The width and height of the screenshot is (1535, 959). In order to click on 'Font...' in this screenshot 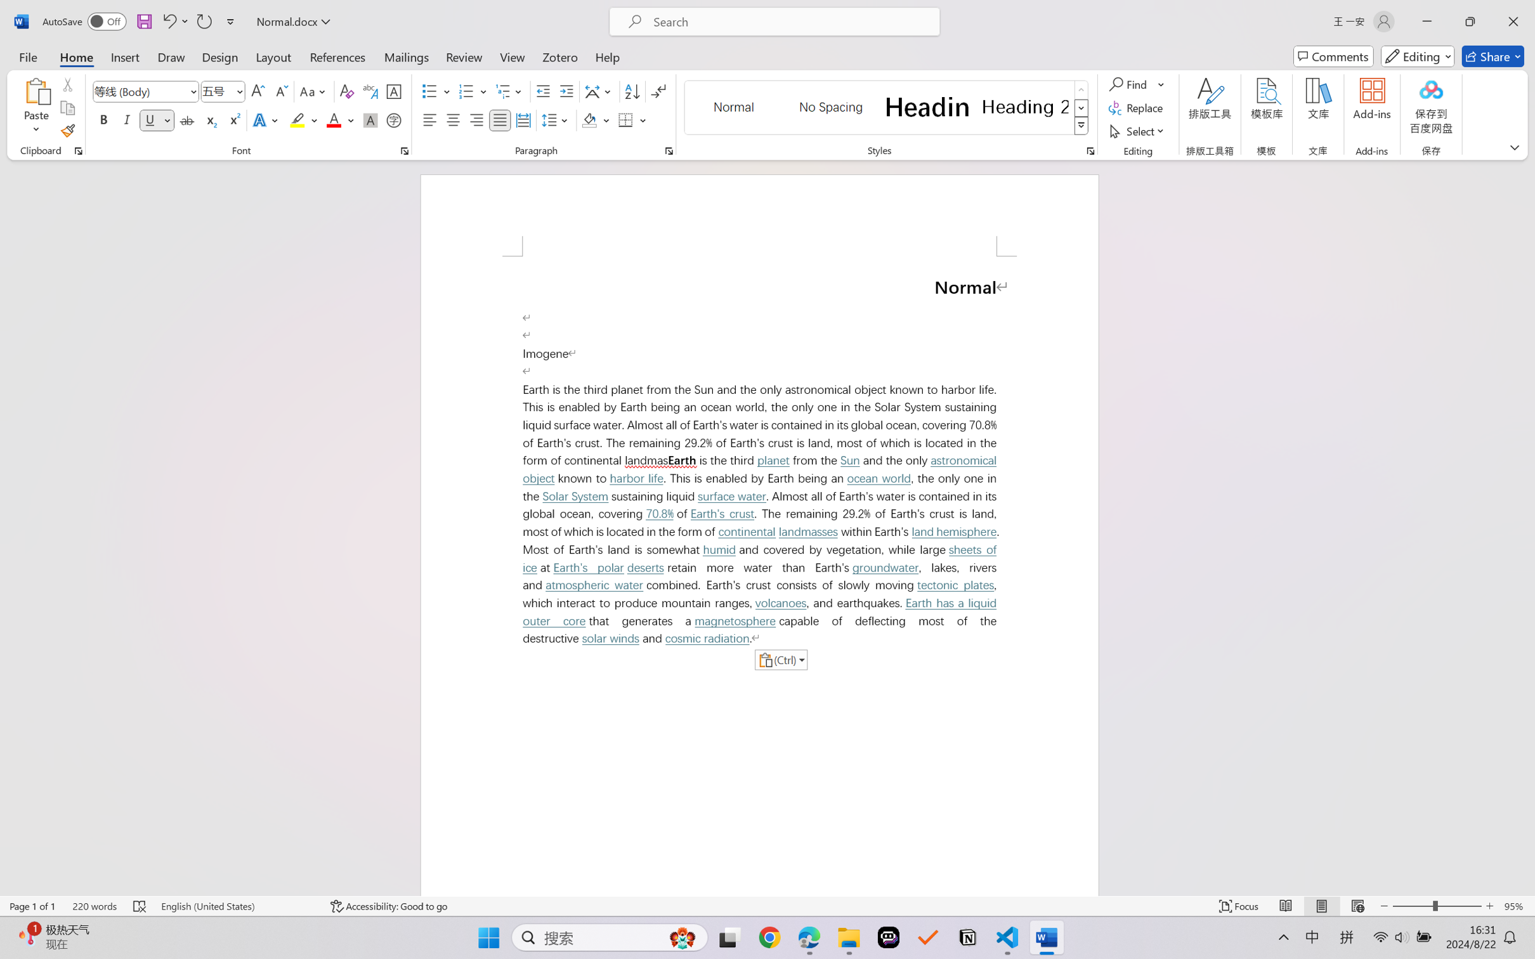, I will do `click(404, 150)`.